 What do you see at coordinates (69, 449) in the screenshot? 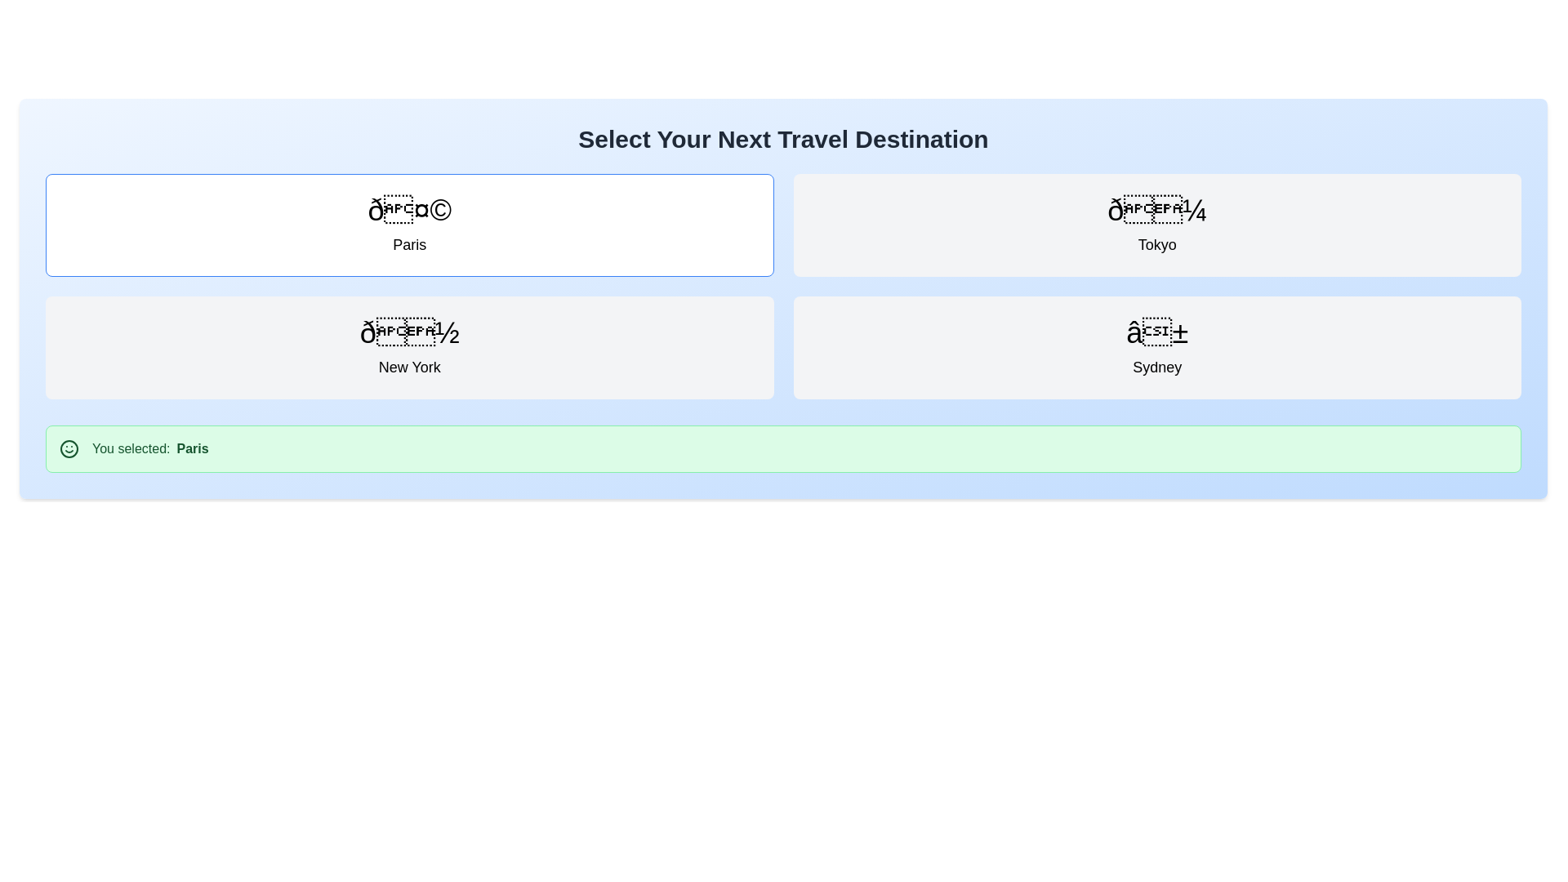
I see `the SVG Circle element that is part of the smiley icon, positioned near the text 'You selected: Paris'` at bounding box center [69, 449].